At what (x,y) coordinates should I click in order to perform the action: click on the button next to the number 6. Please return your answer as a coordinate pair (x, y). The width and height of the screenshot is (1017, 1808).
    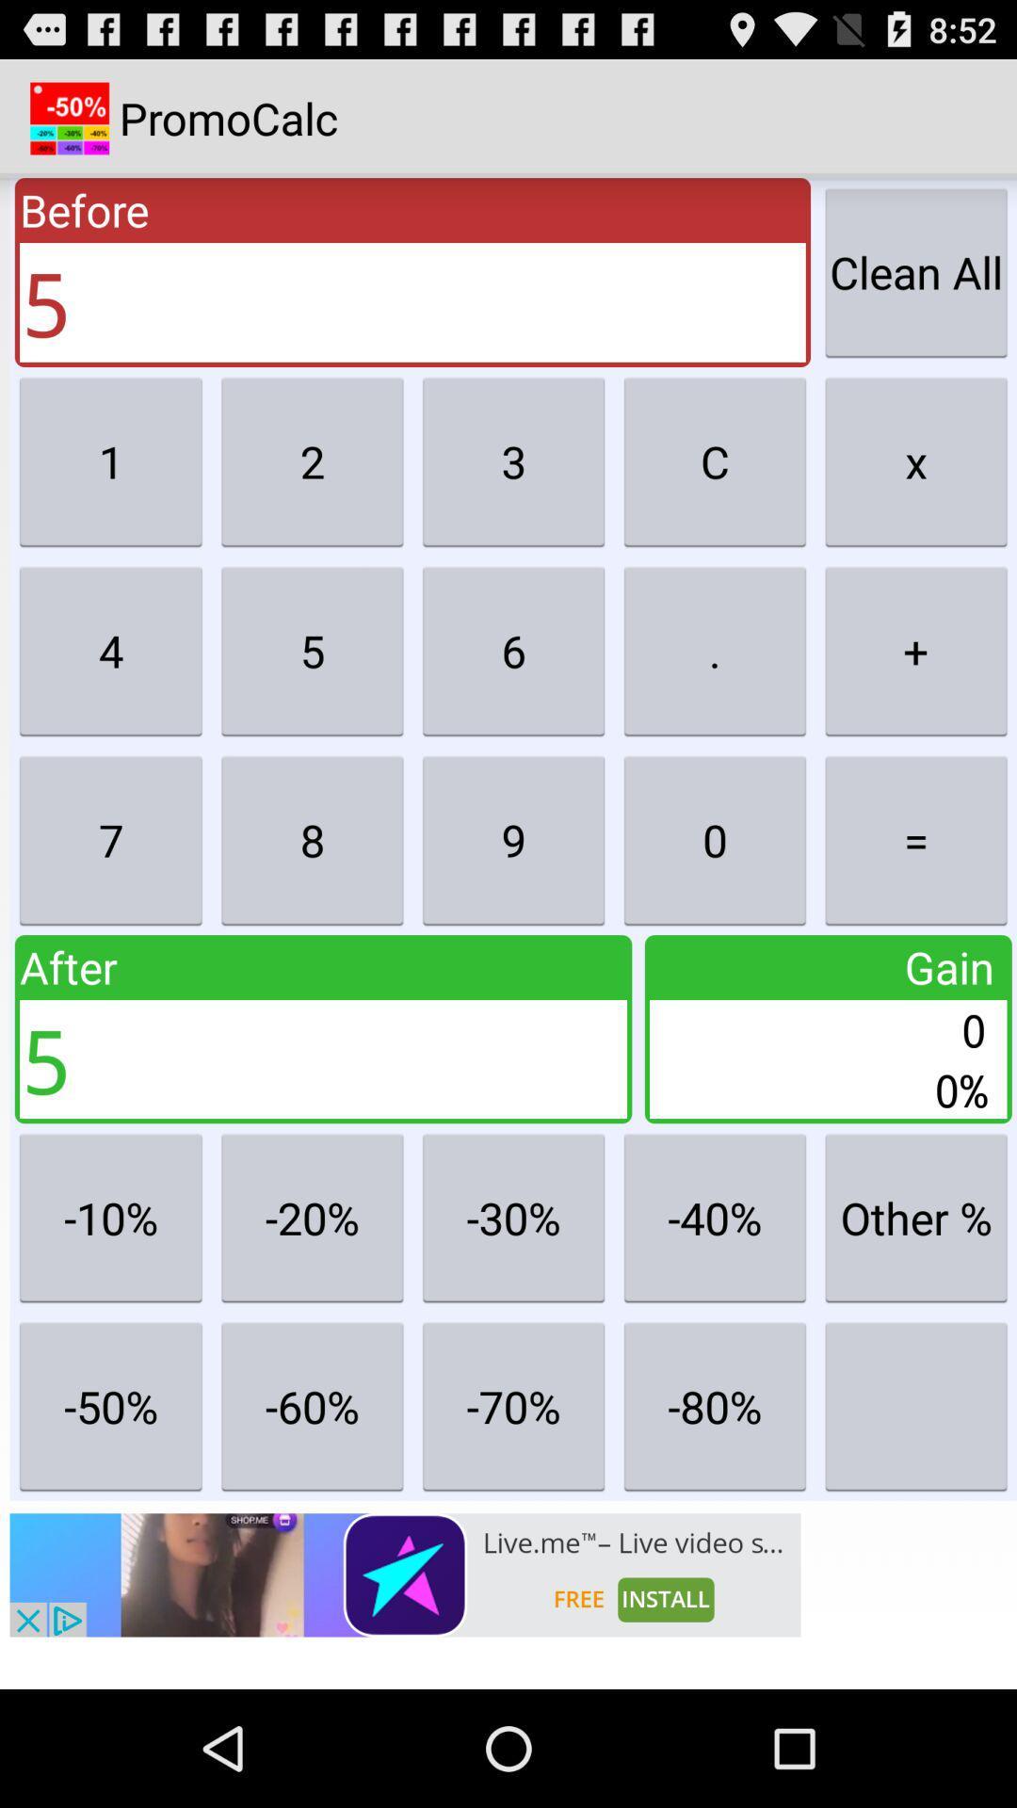
    Looking at the image, I should click on (715, 651).